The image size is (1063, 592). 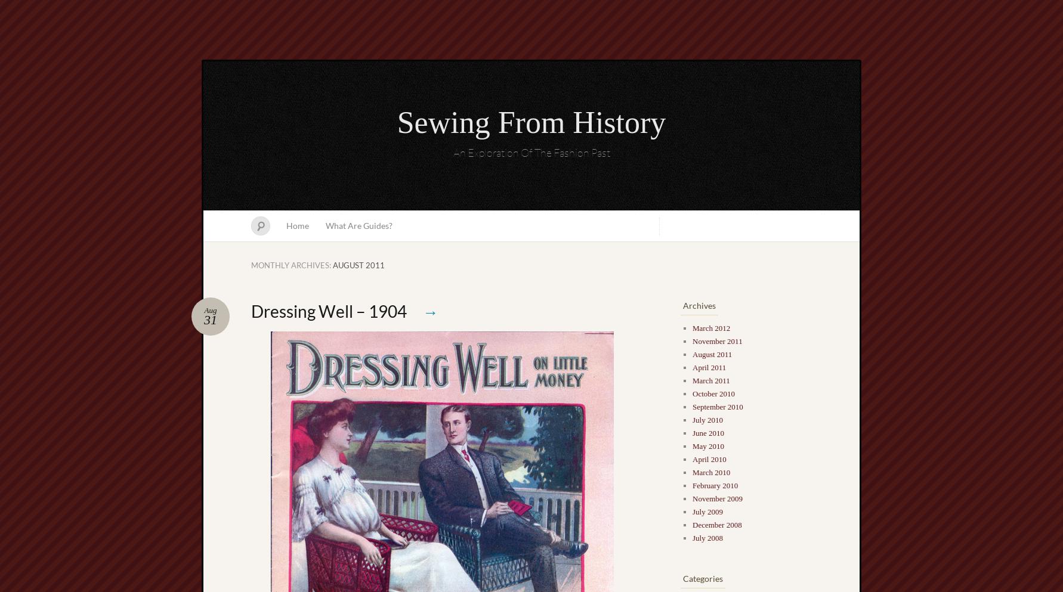 I want to click on 'December 2008', so click(x=716, y=525).